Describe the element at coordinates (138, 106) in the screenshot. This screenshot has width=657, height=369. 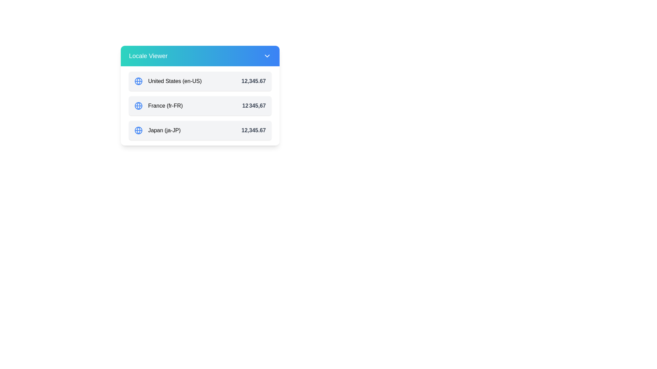
I see `the circular outline globe icon located to the left of the 'France (fr-FR)' label in the second row of the 'Locale Viewer' card` at that location.